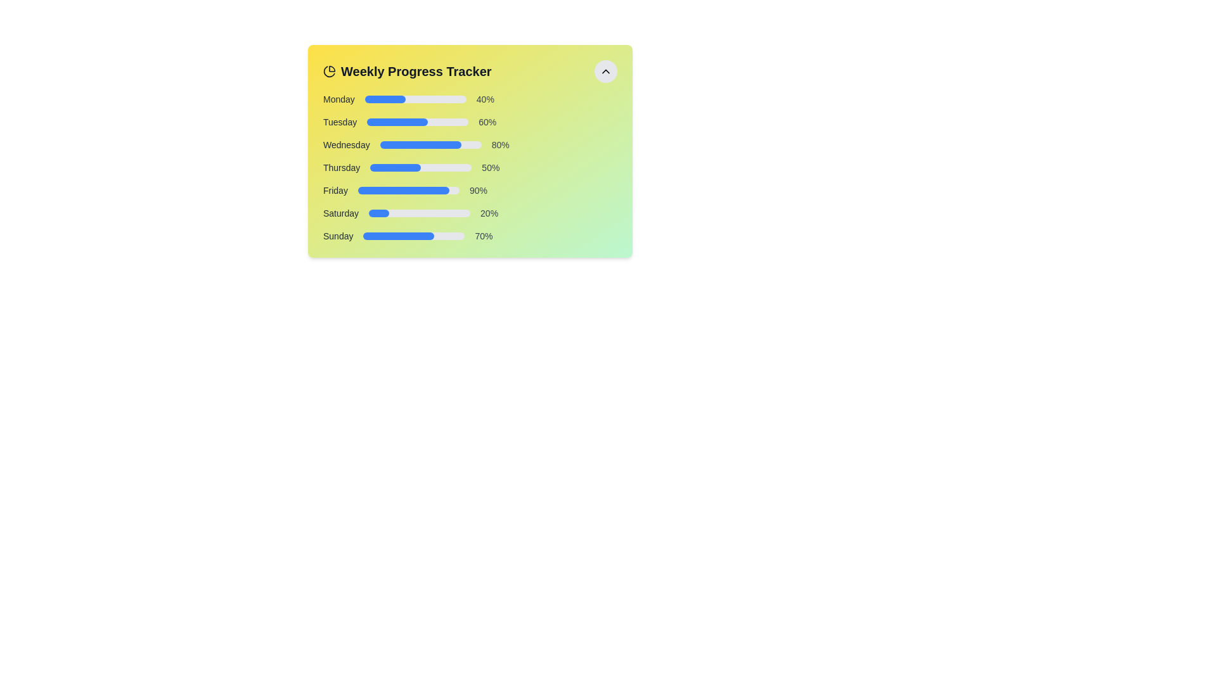 The height and width of the screenshot is (684, 1217). What do you see at coordinates (483, 236) in the screenshot?
I see `the text element displaying '70%' which indicates the completion percentage for 'Sunday' in the progress tracker interface` at bounding box center [483, 236].